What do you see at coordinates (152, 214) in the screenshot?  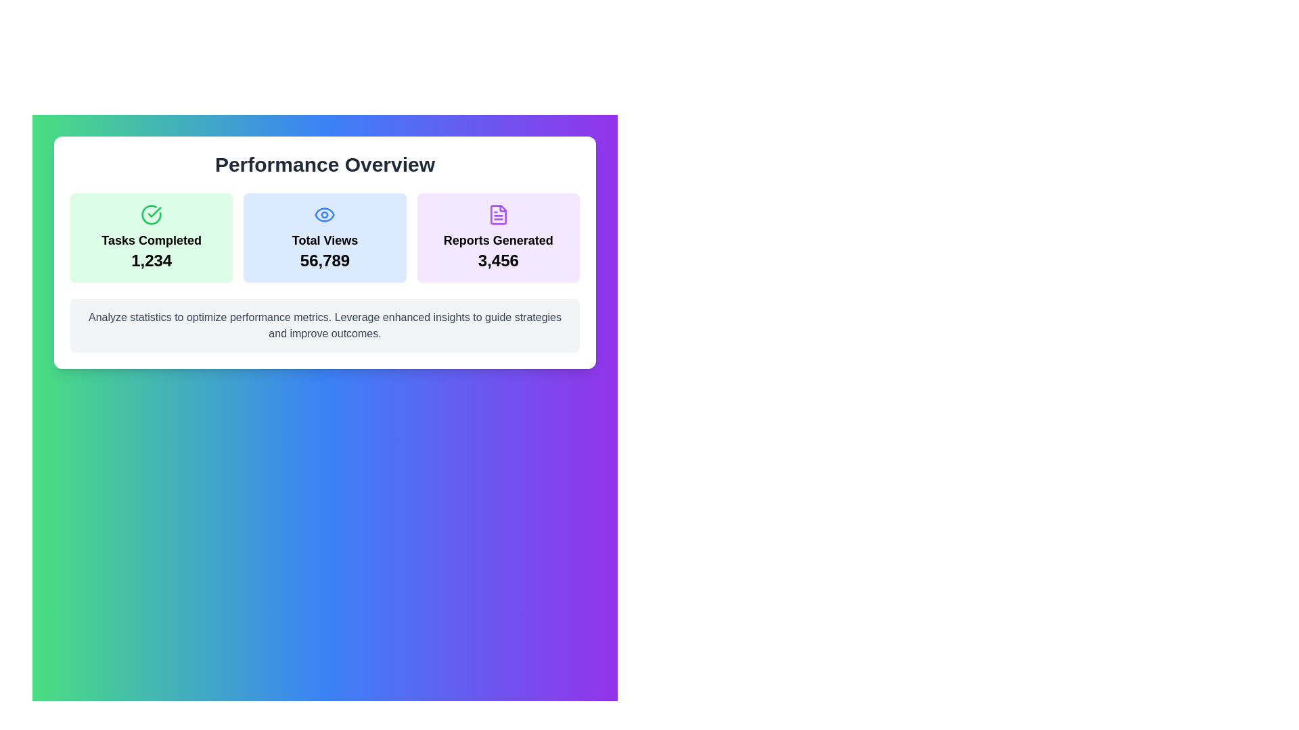 I see `the graphical icon representing a completed task or success status, which indicates completion of tasks displayed in the green rectangular card labeled 'Tasks Completed 1,234'` at bounding box center [152, 214].